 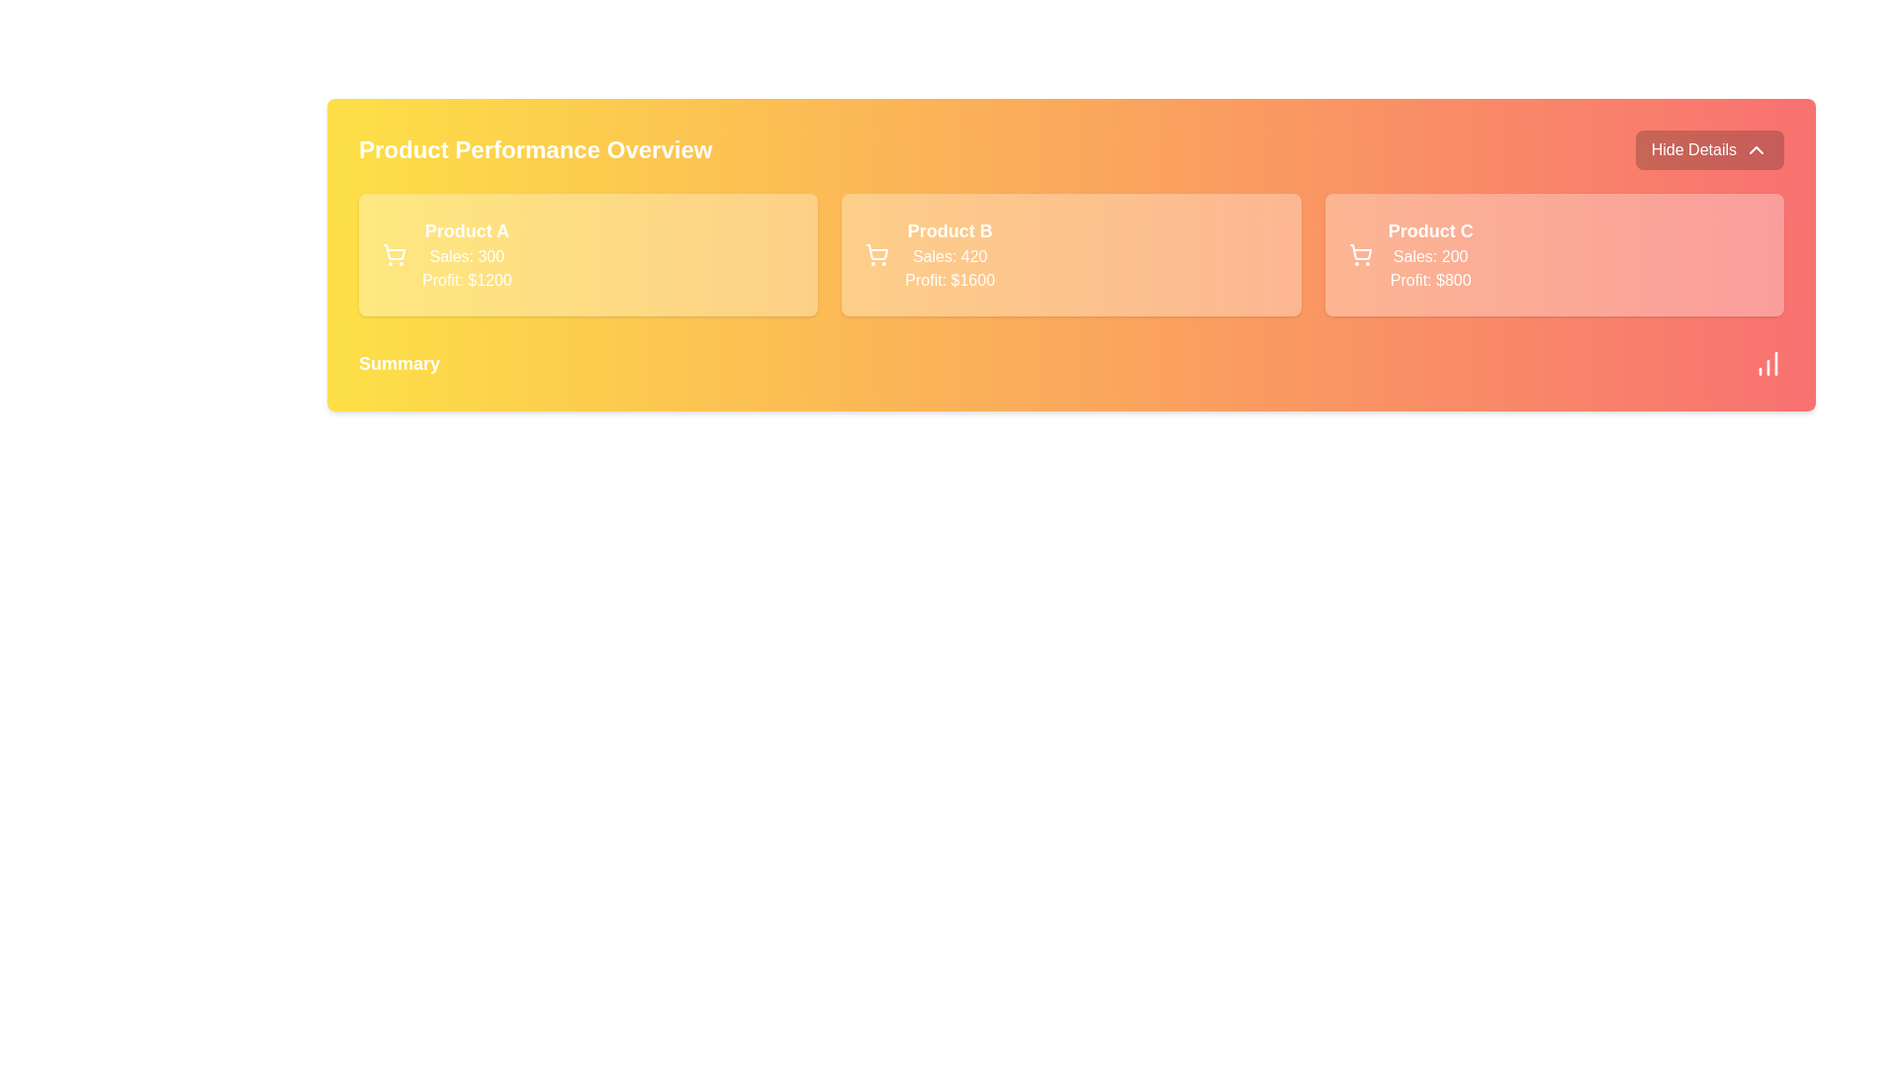 What do you see at coordinates (876, 254) in the screenshot?
I see `the shopping cart icon located at the leftmost side near the top of the 'Product B' card` at bounding box center [876, 254].